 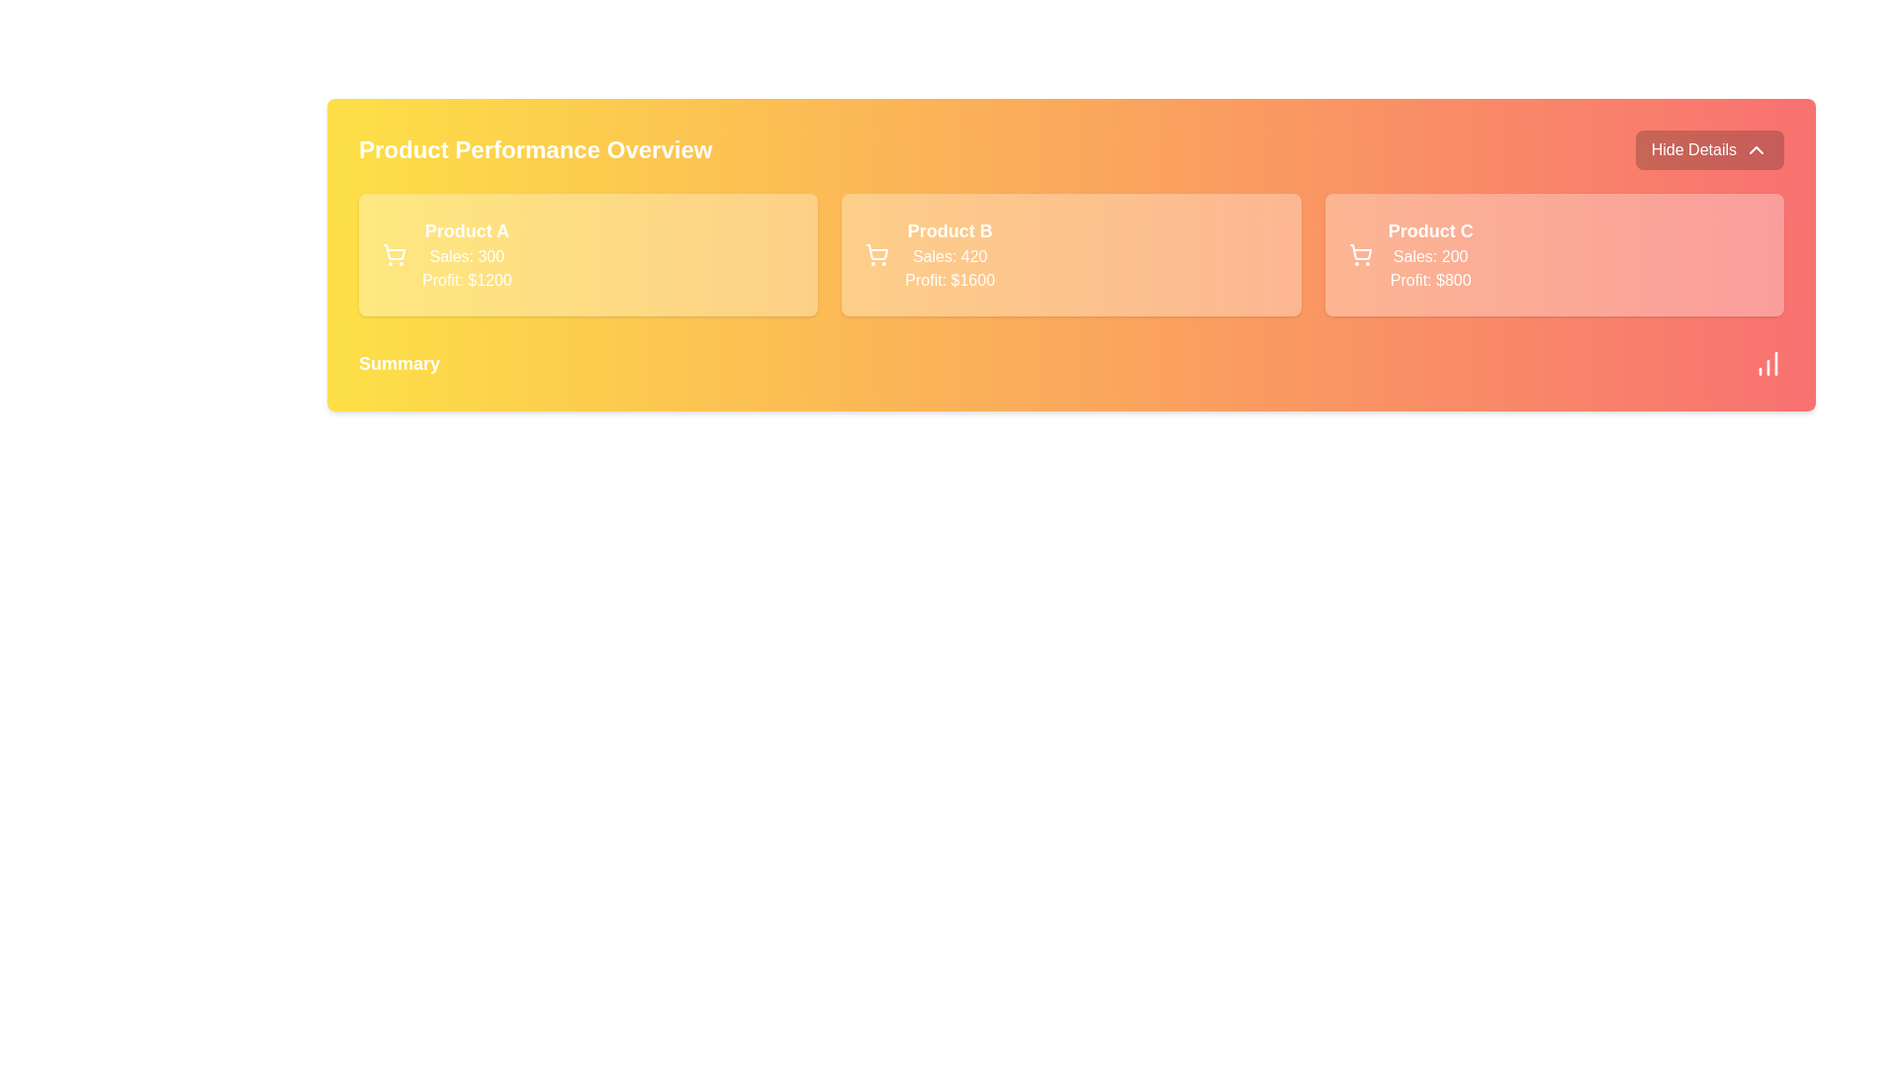 What do you see at coordinates (876, 254) in the screenshot?
I see `the shopping cart icon located at the leftmost side near the top of the 'Product B' card` at bounding box center [876, 254].